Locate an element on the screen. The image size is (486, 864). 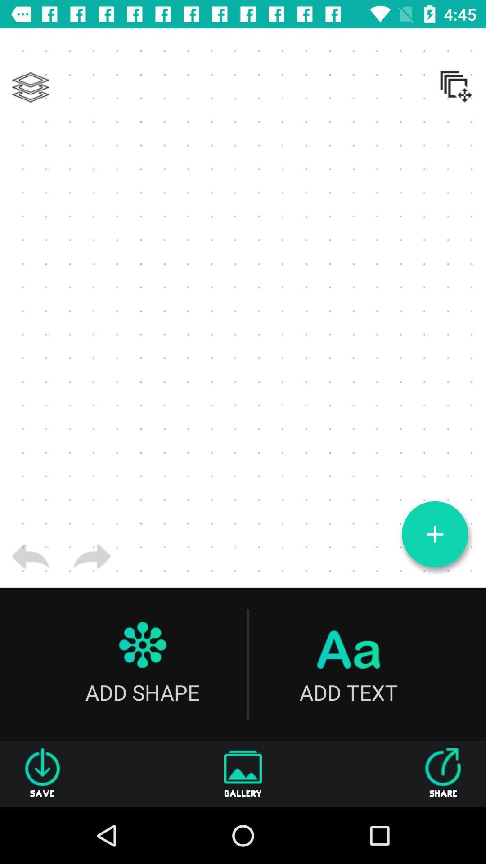
the save is located at coordinates (42, 774).